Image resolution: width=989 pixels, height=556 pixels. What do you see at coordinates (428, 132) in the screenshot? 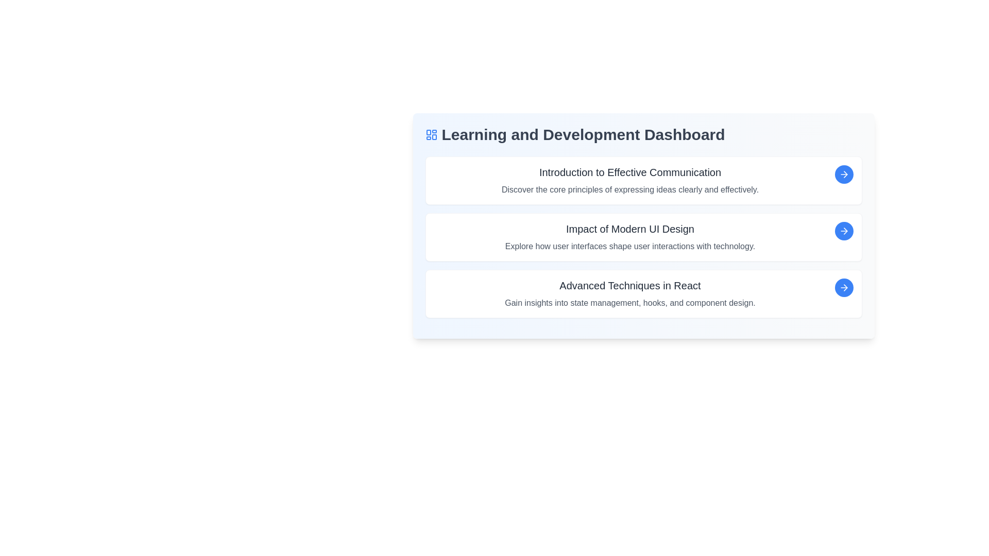
I see `the upper-left rectangle in the grid arrangement within the icon preceding the 'Learning and Development Dashboard' title` at bounding box center [428, 132].